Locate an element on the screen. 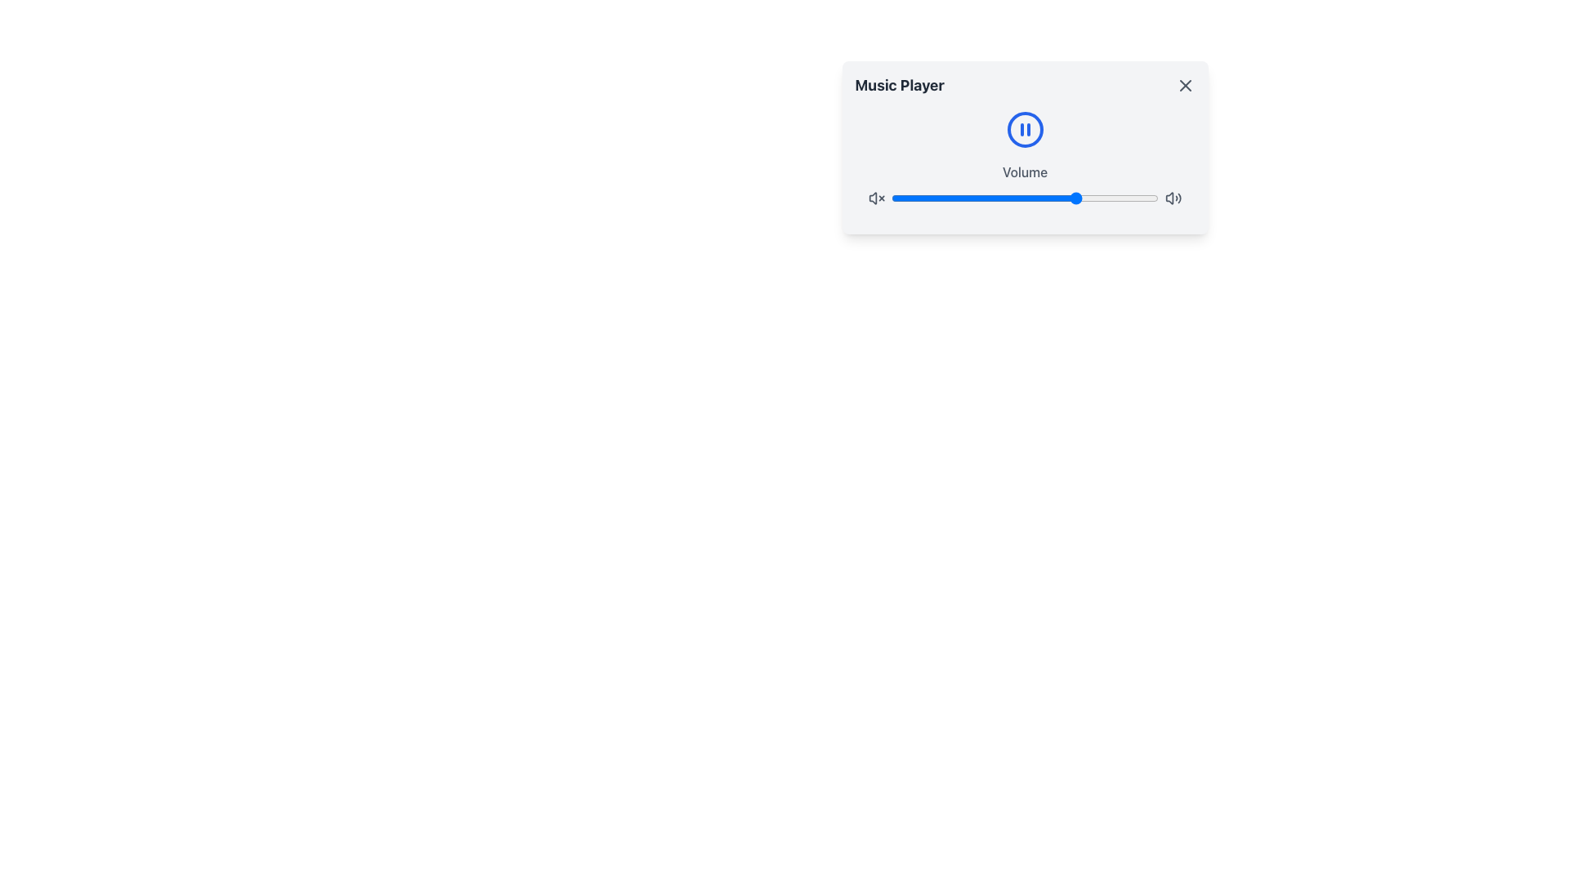 The width and height of the screenshot is (1569, 882). the blue stroke SVG circle element that represents the pause icon, located at the top center of the music player interface, just above the 'Volume' label is located at coordinates (1024, 128).